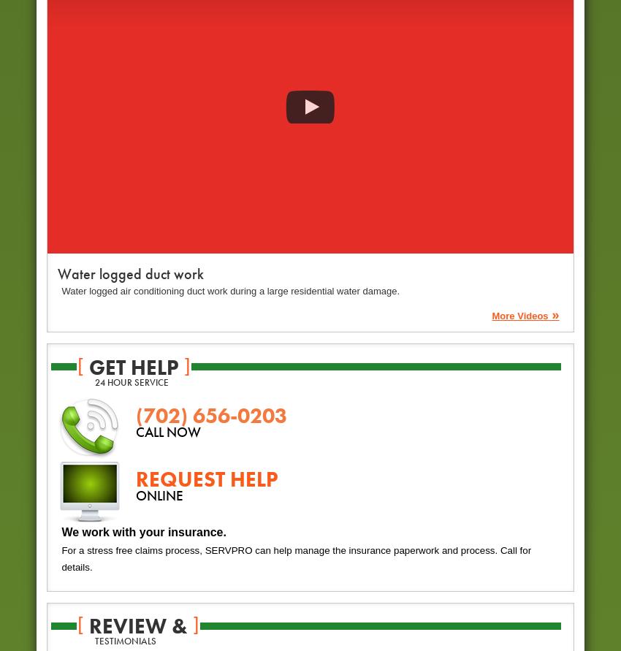 The image size is (621, 651). I want to click on '24 hour service', so click(130, 381).